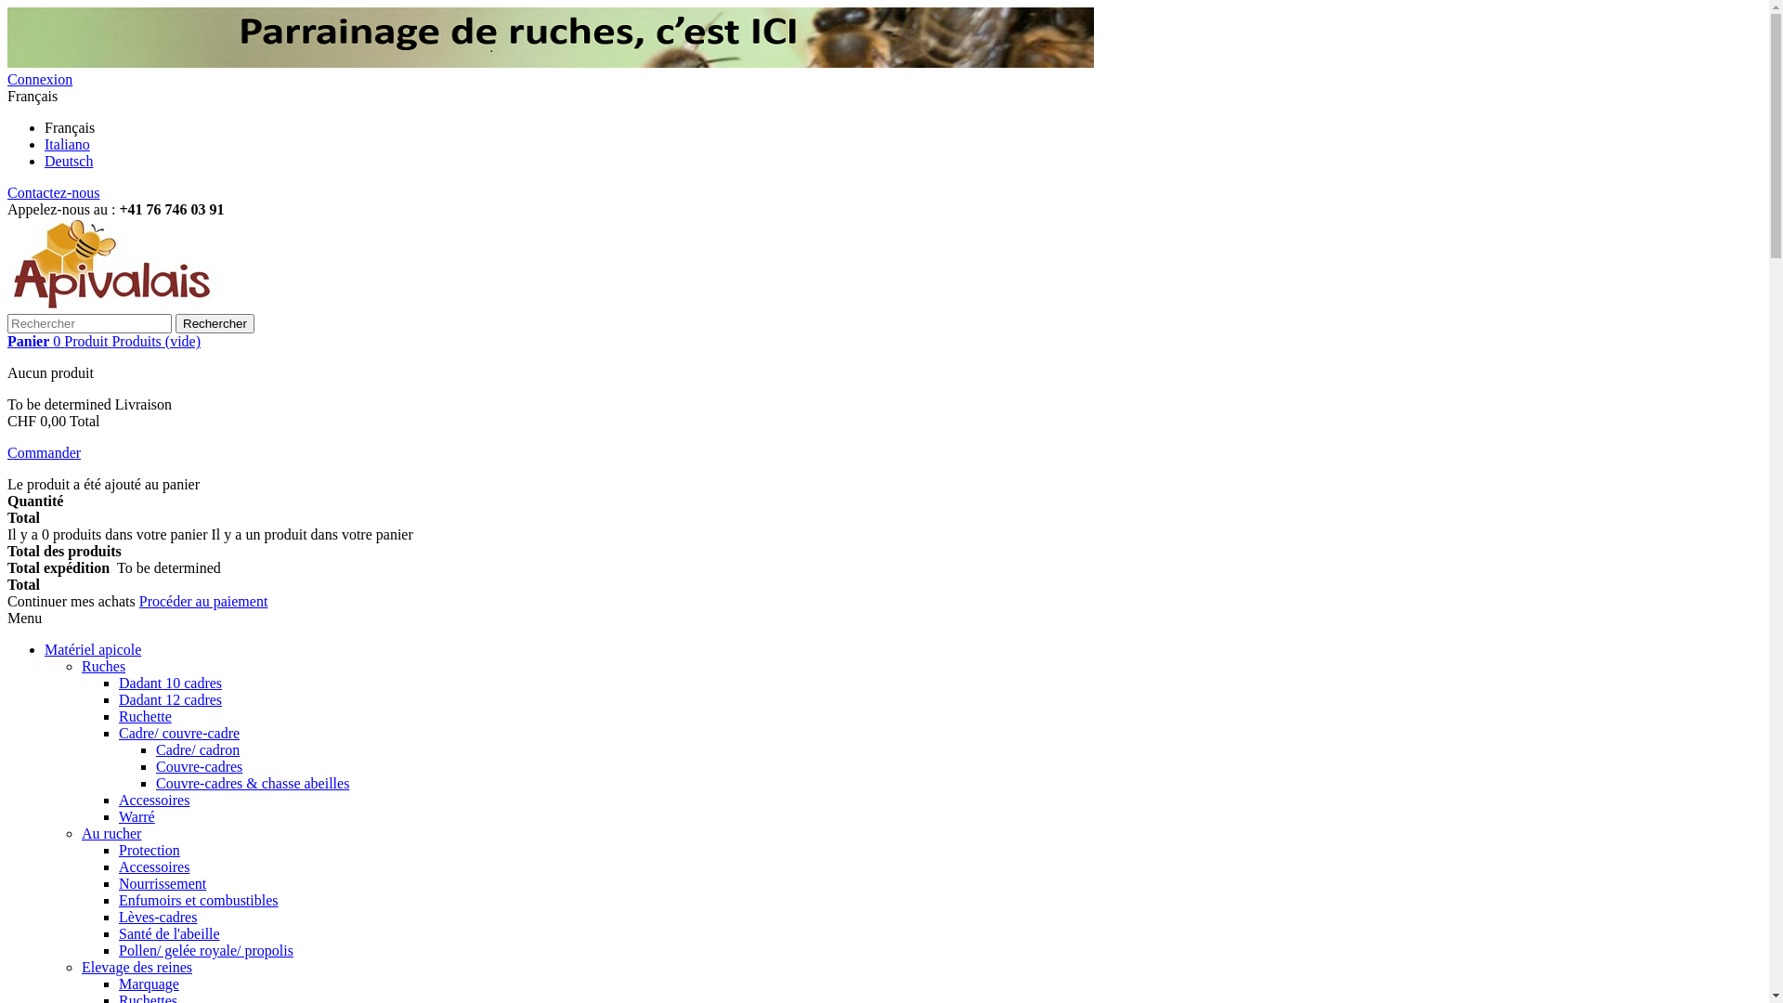 The height and width of the screenshot is (1003, 1783). I want to click on 'Accessoires', so click(154, 799).